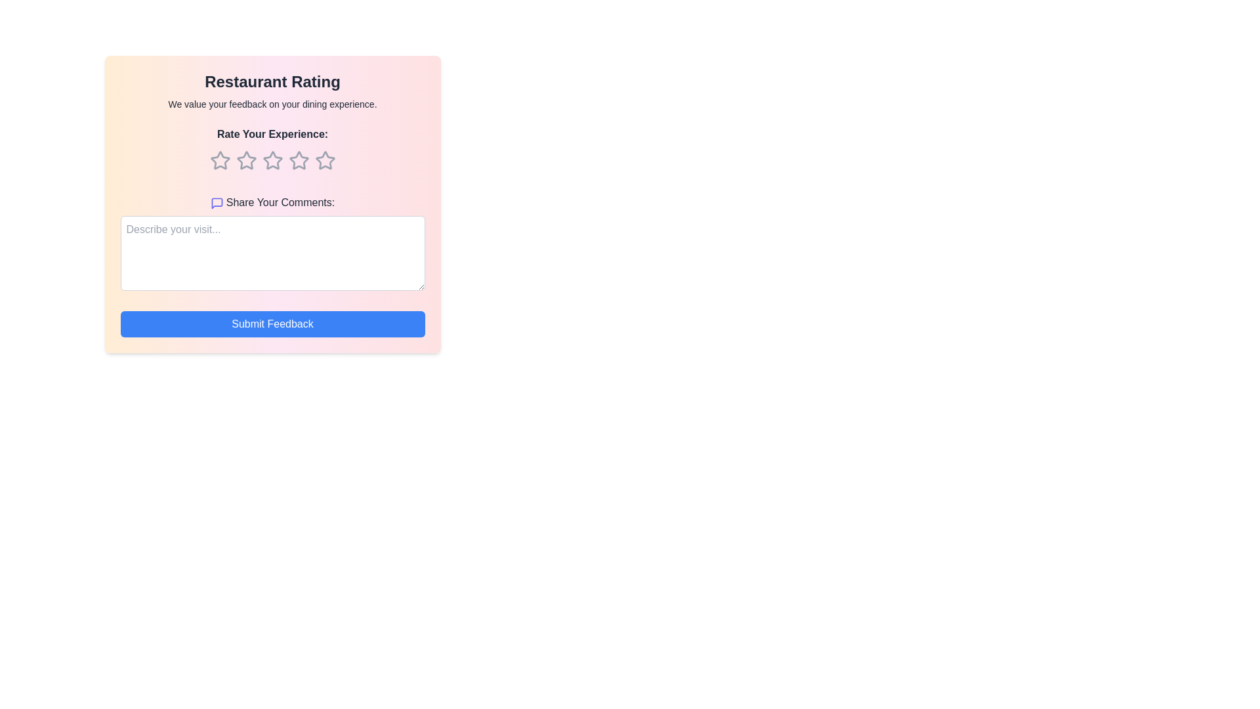 The height and width of the screenshot is (709, 1260). I want to click on header text displaying 'Restaurant Rating' which is prominently positioned at the top of the layout, so click(272, 81).